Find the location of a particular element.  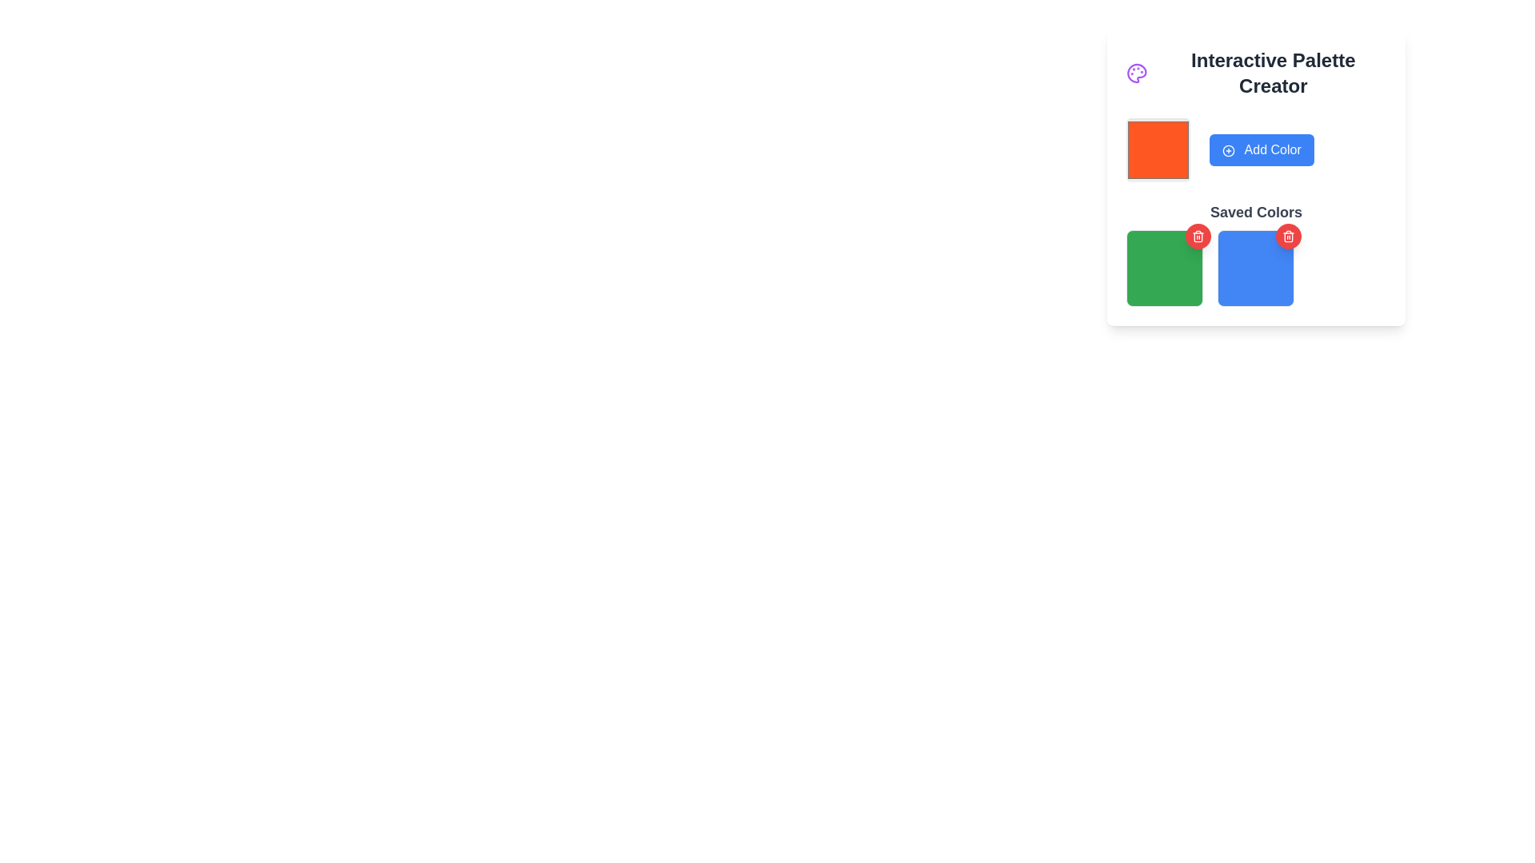

the color block in the grid item under 'Saved Colors' is located at coordinates (1255, 253).